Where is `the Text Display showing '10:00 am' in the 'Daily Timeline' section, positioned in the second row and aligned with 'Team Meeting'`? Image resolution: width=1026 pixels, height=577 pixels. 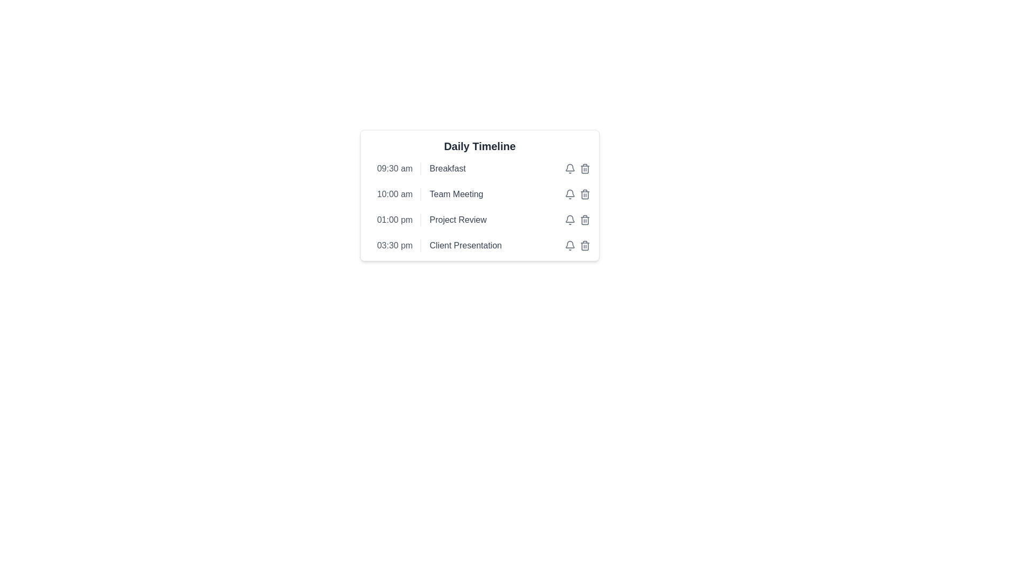 the Text Display showing '10:00 am' in the 'Daily Timeline' section, positioned in the second row and aligned with 'Team Meeting' is located at coordinates (394, 194).